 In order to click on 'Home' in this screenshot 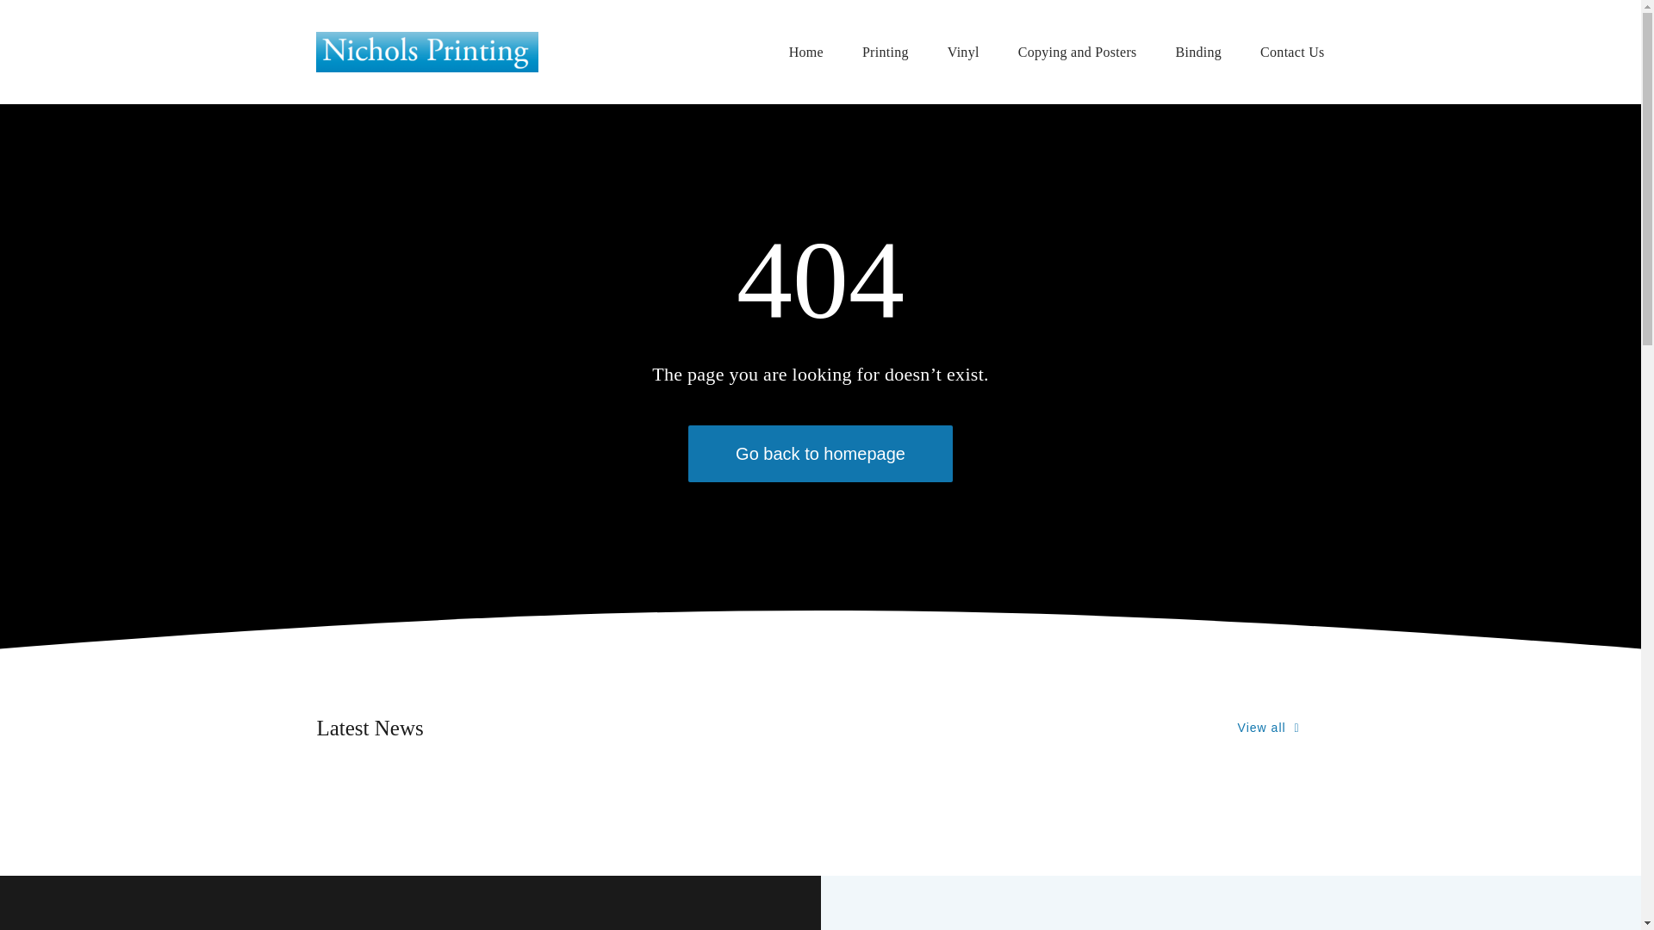, I will do `click(805, 51)`.